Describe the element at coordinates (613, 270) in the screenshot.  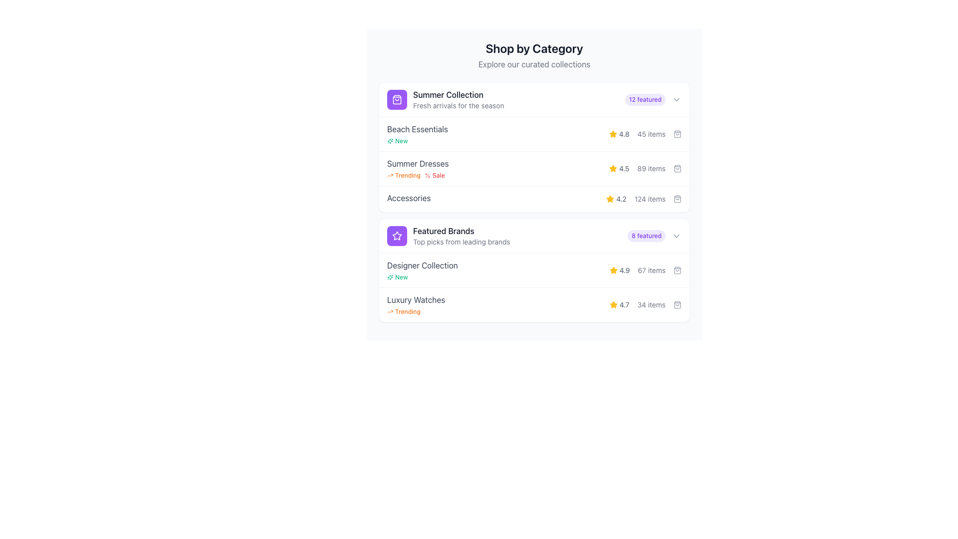
I see `the golden-yellow five-pointed star icon, which signifies a rating or favorite marker, located on the right side of the 'Designer Collection' text in the 'Featured Brands' section` at that location.